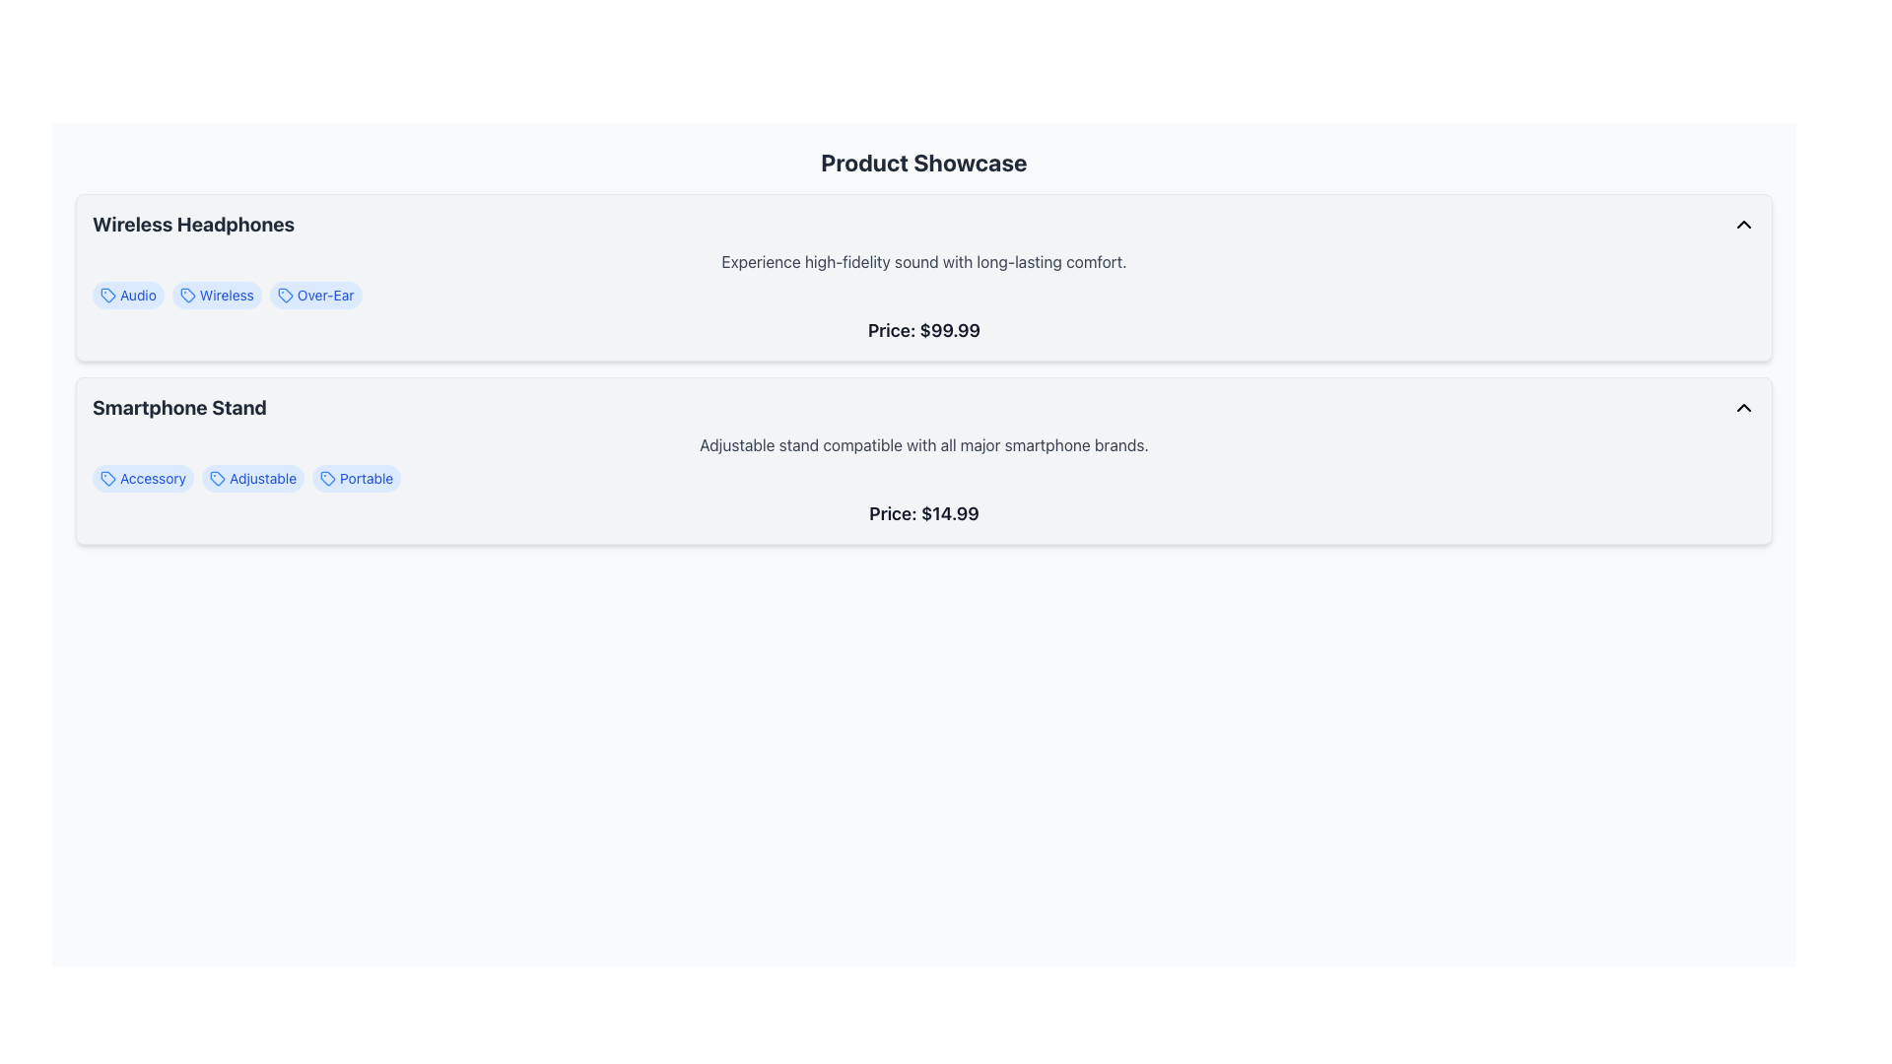 Image resolution: width=1892 pixels, height=1064 pixels. What do you see at coordinates (179, 406) in the screenshot?
I see `the bold, large-sized text label reading 'Smartphone Stand' located within the second product card at the top of the details section` at bounding box center [179, 406].